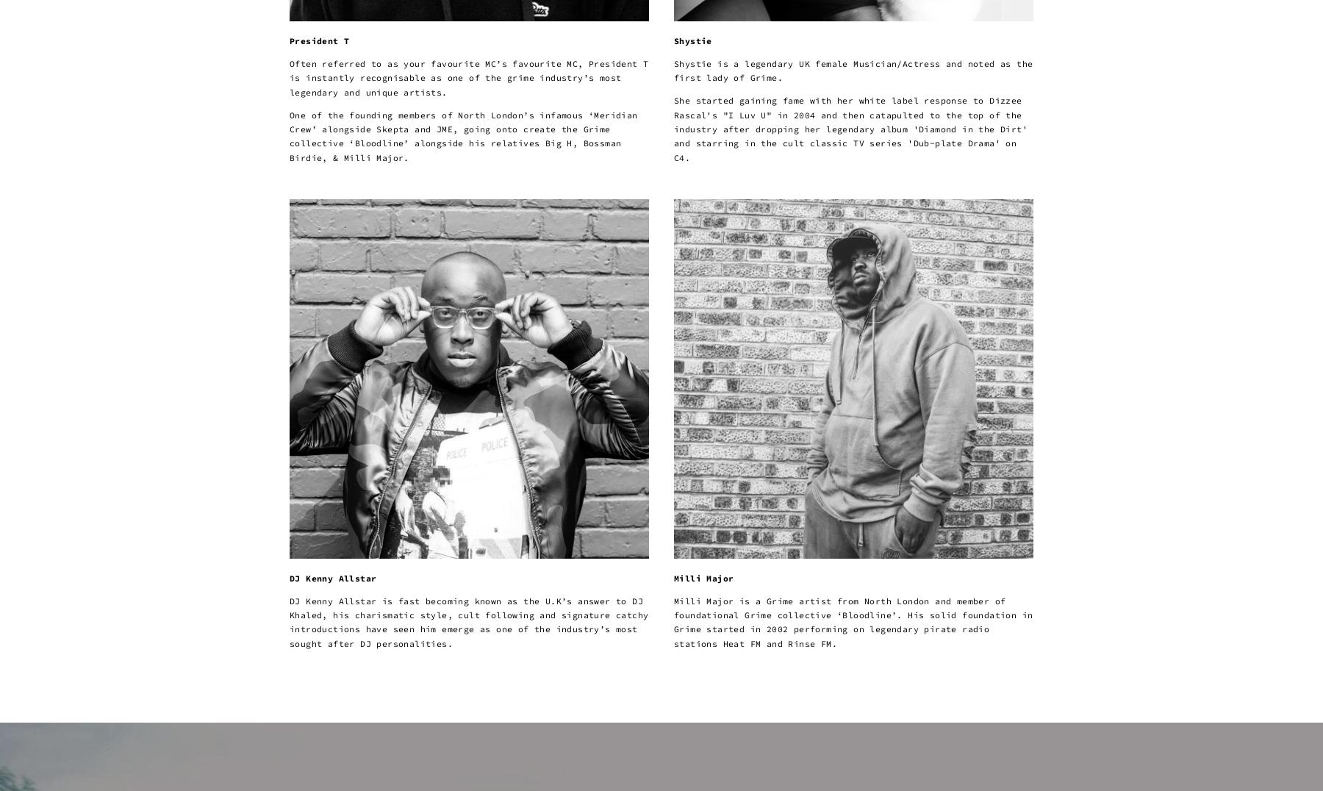 Image resolution: width=1323 pixels, height=791 pixels. What do you see at coordinates (692, 40) in the screenshot?
I see `'Shystie'` at bounding box center [692, 40].